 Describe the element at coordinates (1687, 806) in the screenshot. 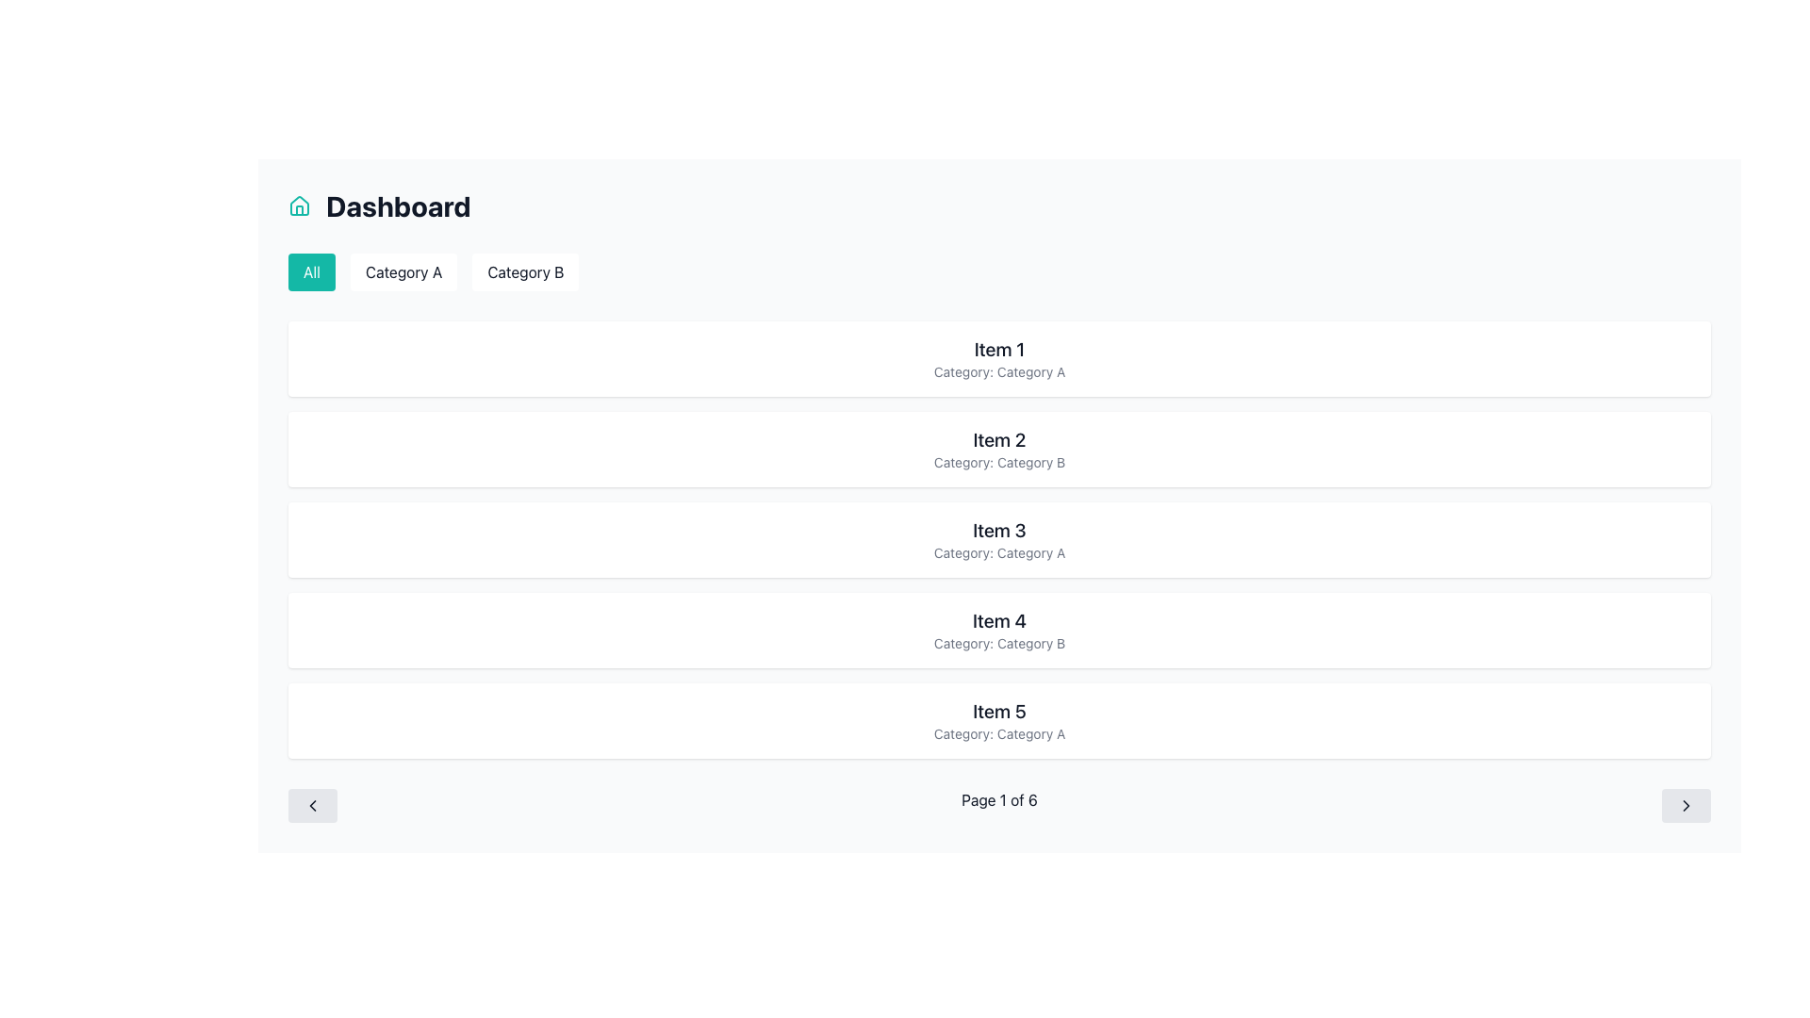

I see `the rightward-pointing chevron icon embedded within the pagination control button at the bottom-right corner` at that location.